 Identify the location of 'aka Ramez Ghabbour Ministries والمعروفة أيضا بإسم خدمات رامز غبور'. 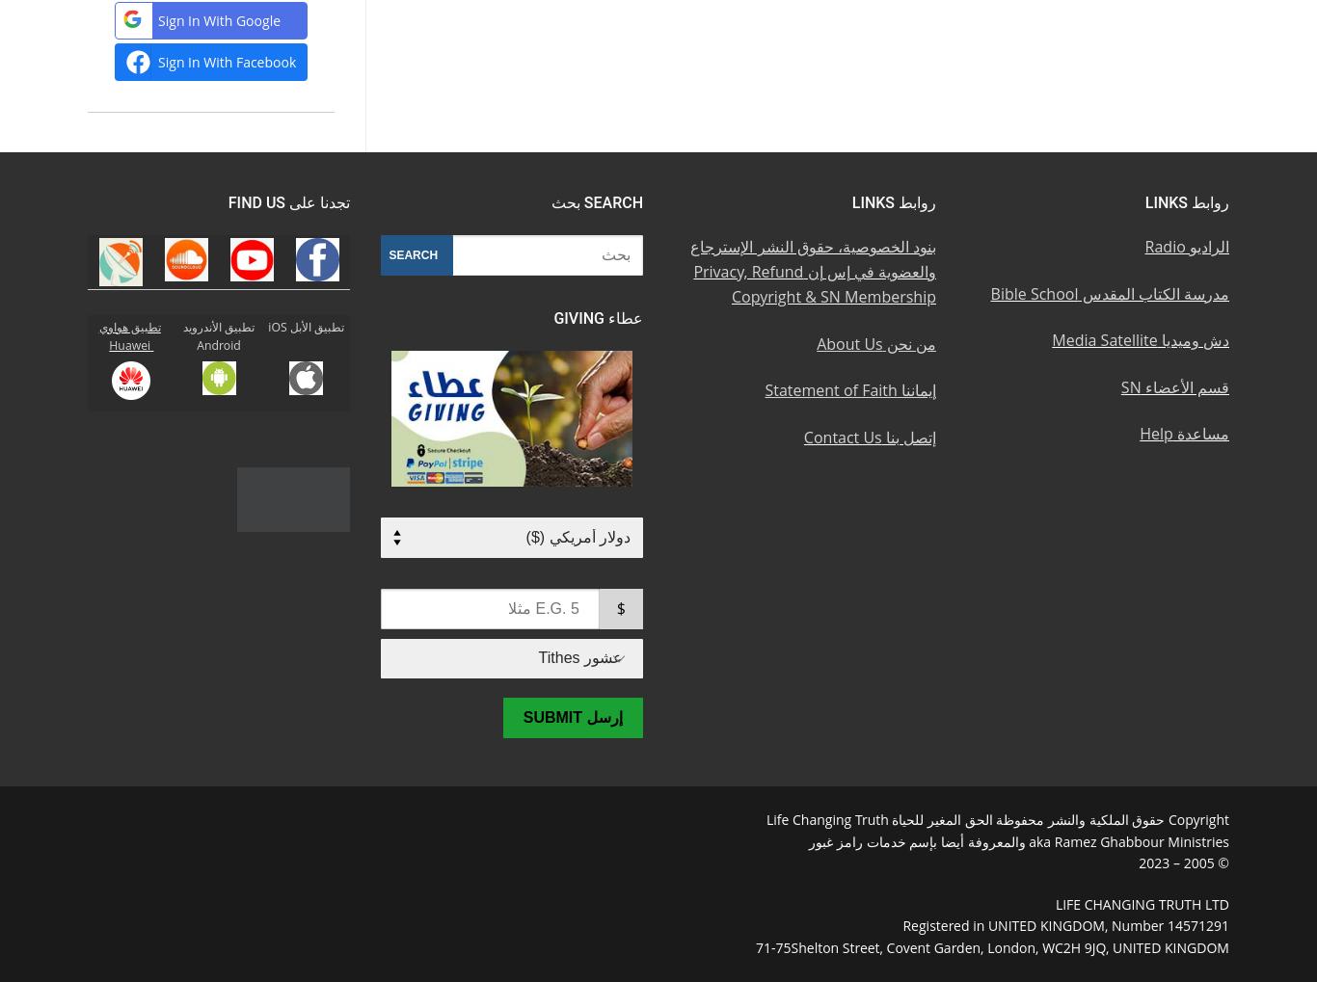
(1018, 839).